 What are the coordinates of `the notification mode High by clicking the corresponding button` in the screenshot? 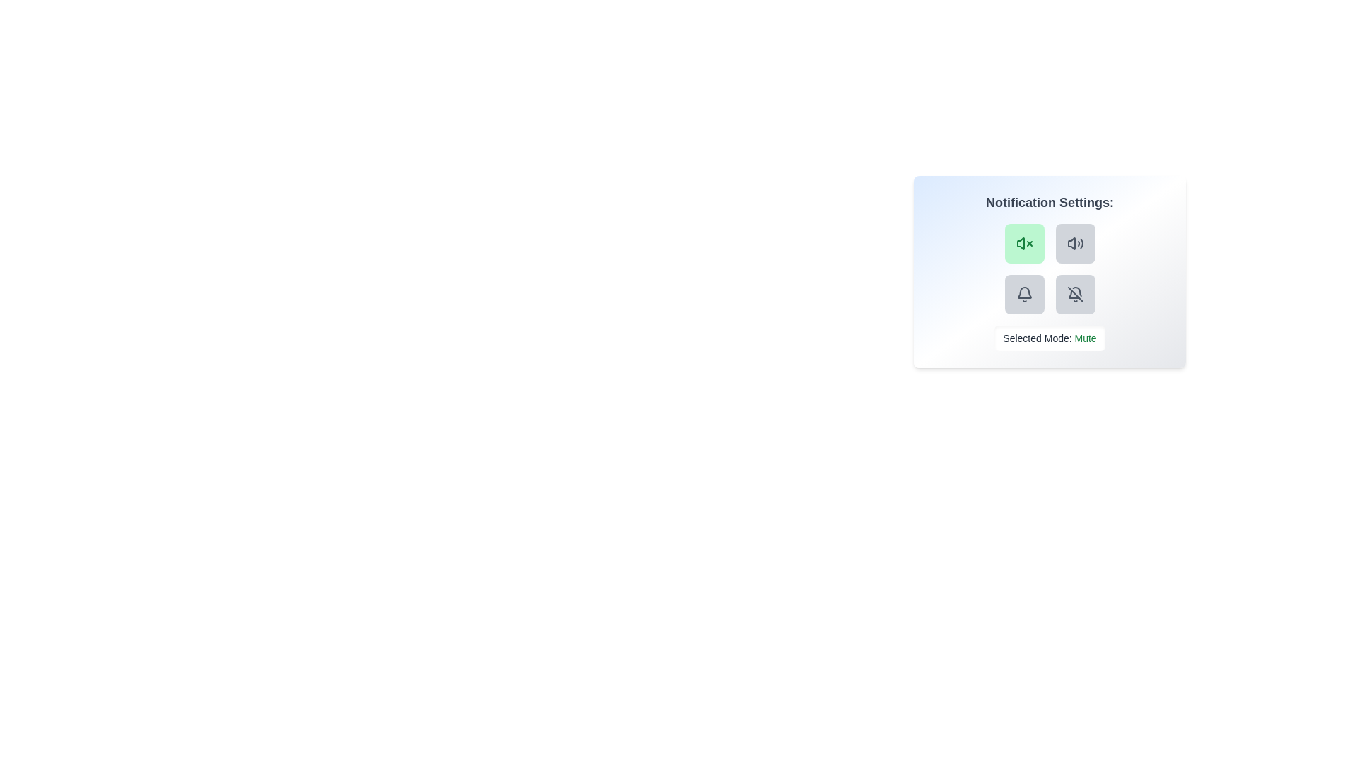 It's located at (1024, 293).